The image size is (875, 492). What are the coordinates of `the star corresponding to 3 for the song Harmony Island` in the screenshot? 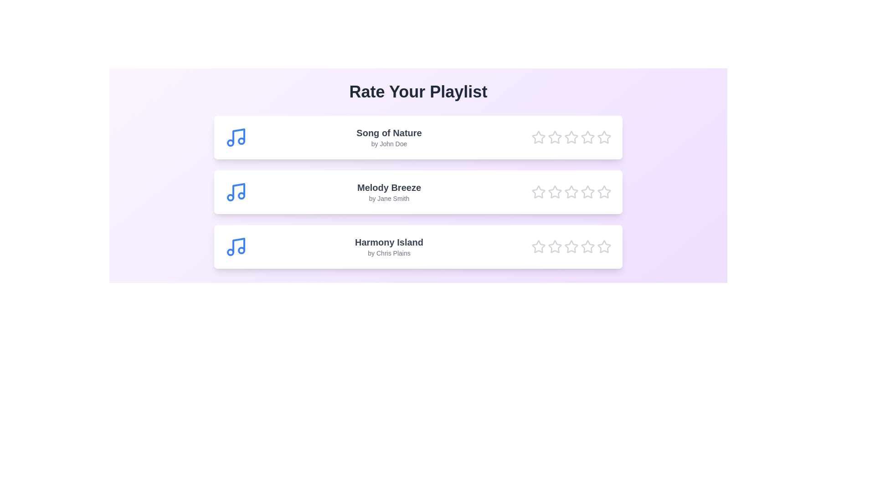 It's located at (571, 247).